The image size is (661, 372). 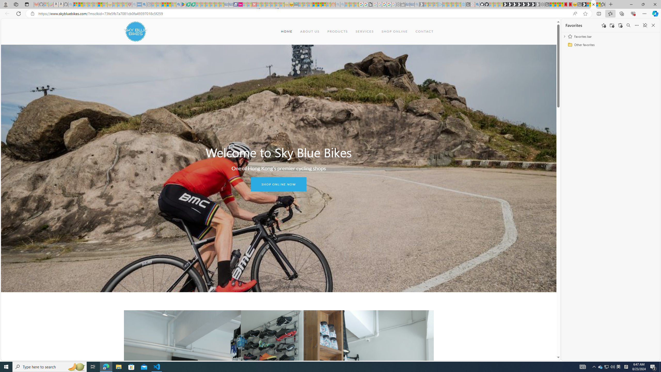 What do you see at coordinates (477, 4) in the screenshot?
I see `'github - Search'` at bounding box center [477, 4].